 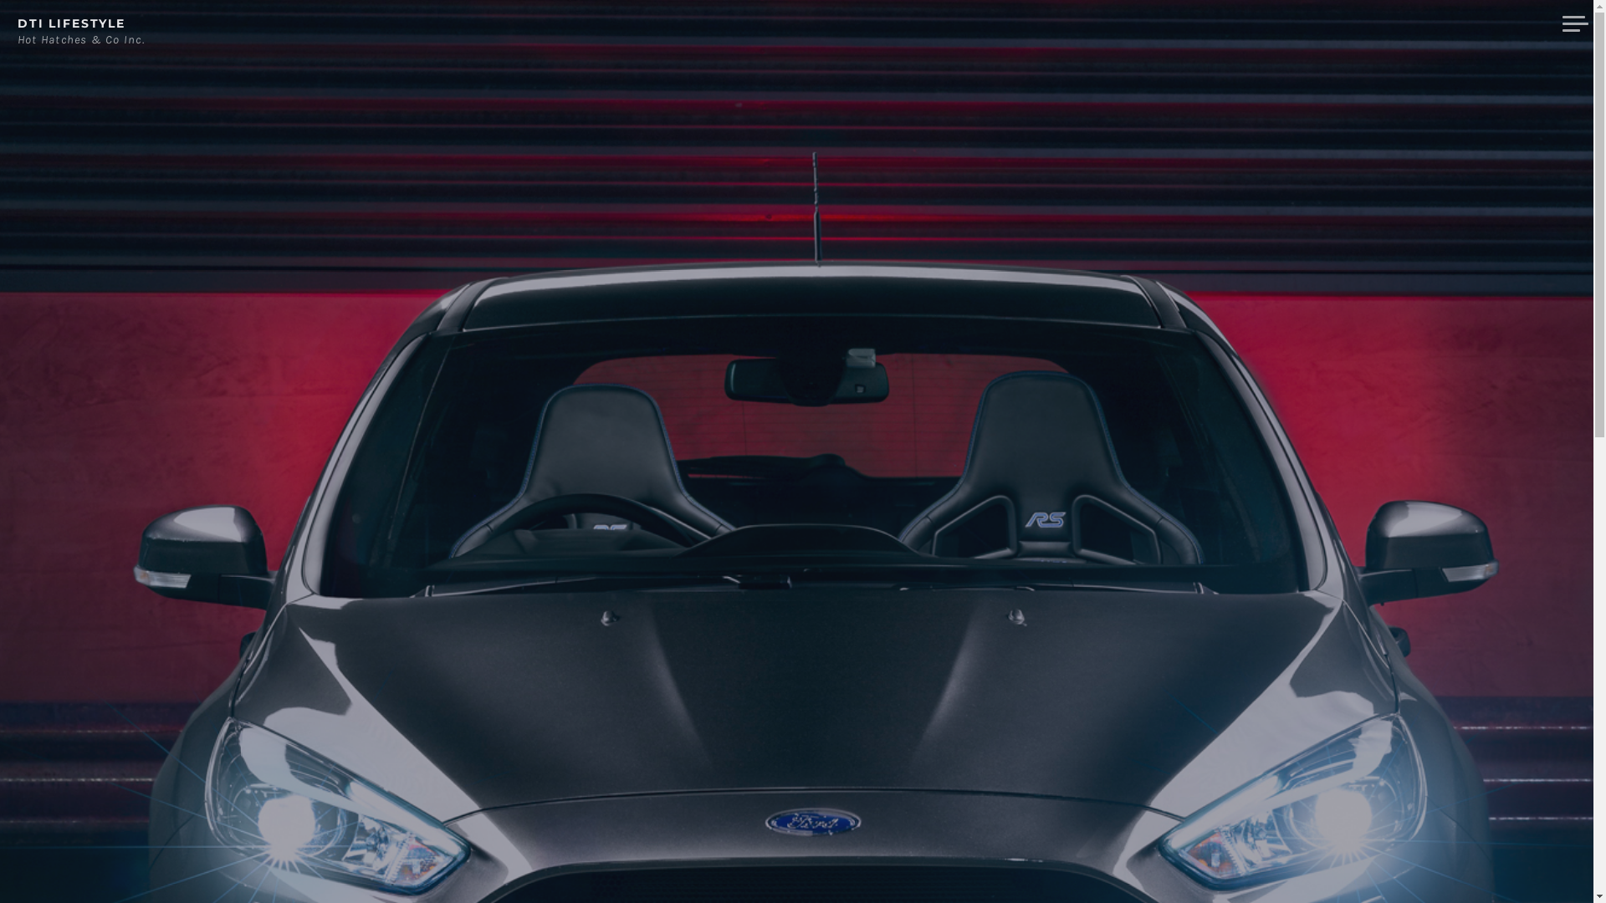 What do you see at coordinates (17, 23) in the screenshot?
I see `'DTI LIFESTYLE'` at bounding box center [17, 23].